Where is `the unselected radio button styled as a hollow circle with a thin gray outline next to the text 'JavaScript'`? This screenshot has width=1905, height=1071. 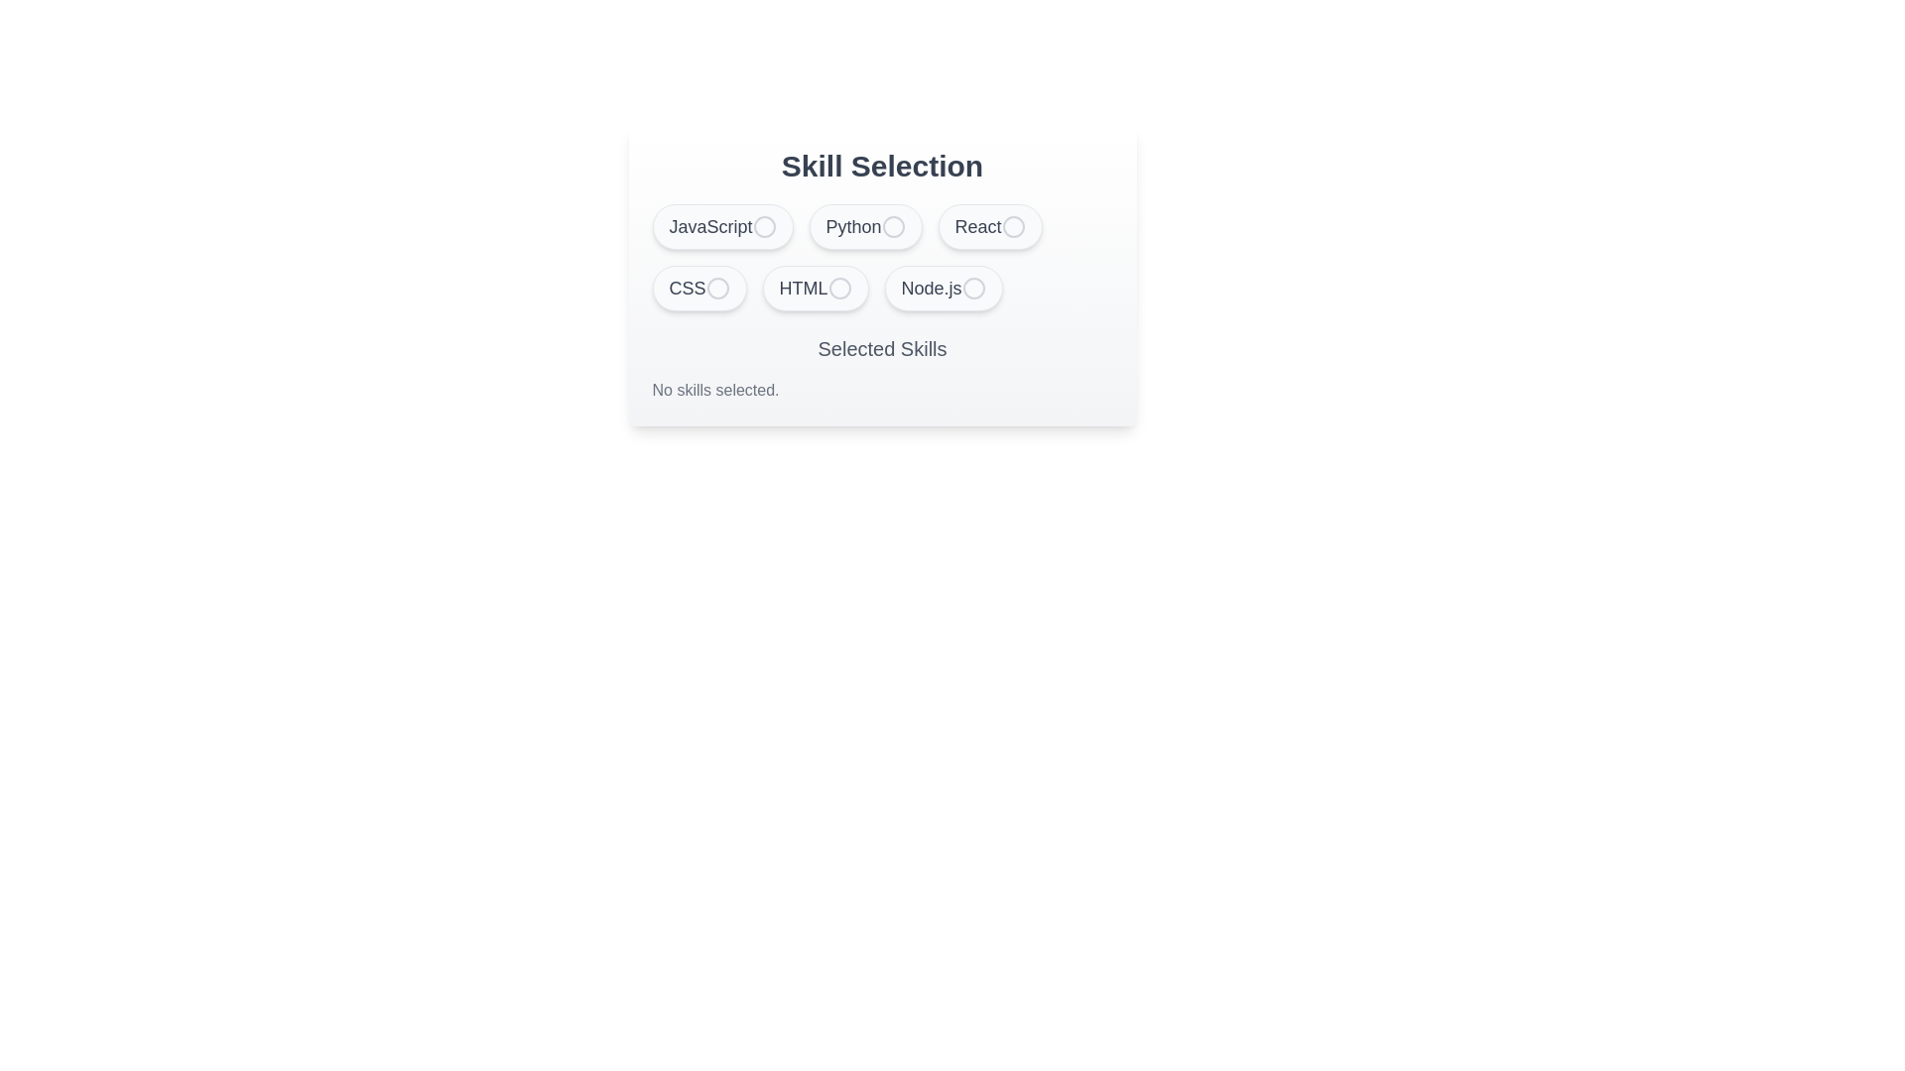 the unselected radio button styled as a hollow circle with a thin gray outline next to the text 'JavaScript' is located at coordinates (763, 225).